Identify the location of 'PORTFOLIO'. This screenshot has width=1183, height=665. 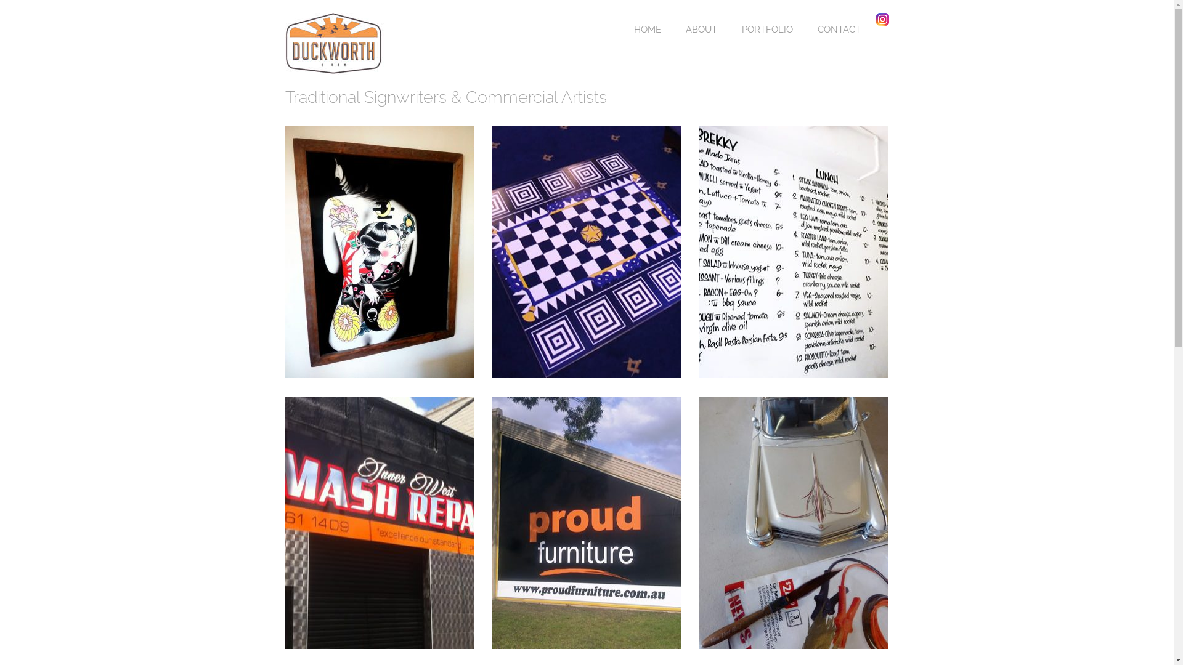
(766, 29).